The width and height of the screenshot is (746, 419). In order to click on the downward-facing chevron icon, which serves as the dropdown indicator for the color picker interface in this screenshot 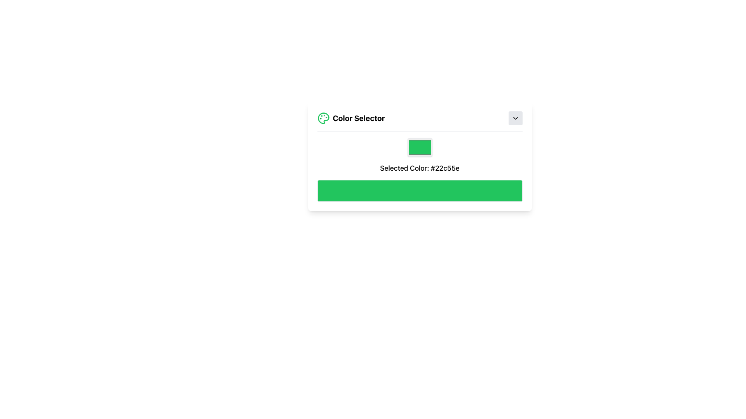, I will do `click(515, 118)`.